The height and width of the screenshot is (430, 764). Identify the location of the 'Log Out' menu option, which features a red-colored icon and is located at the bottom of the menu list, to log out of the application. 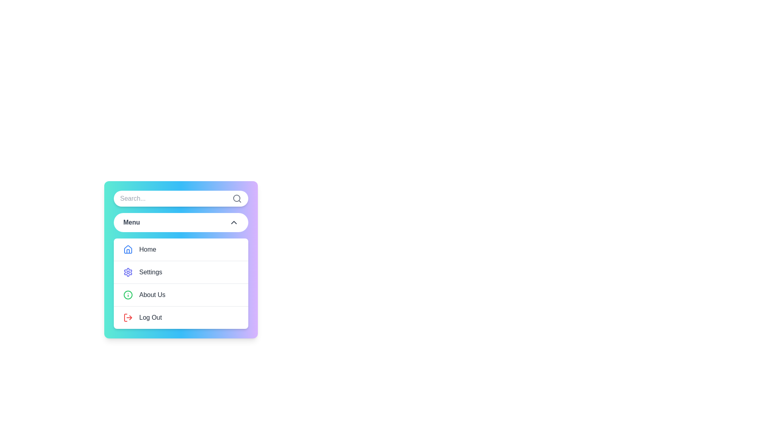
(181, 317).